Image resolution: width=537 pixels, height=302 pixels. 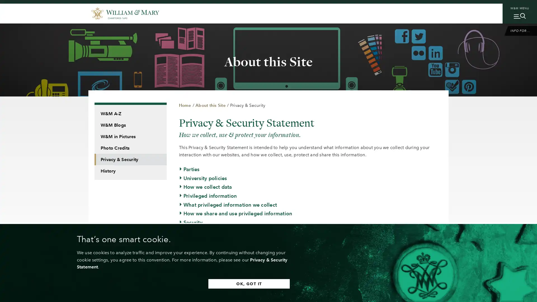 I want to click on Security, so click(x=190, y=222).